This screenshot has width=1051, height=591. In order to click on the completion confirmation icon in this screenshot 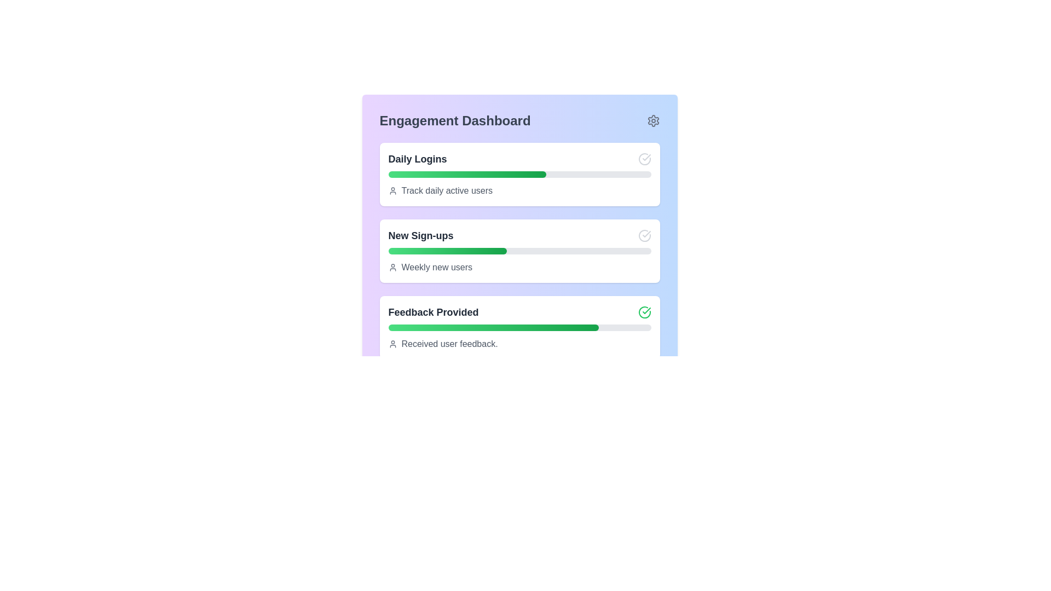, I will do `click(644, 159)`.